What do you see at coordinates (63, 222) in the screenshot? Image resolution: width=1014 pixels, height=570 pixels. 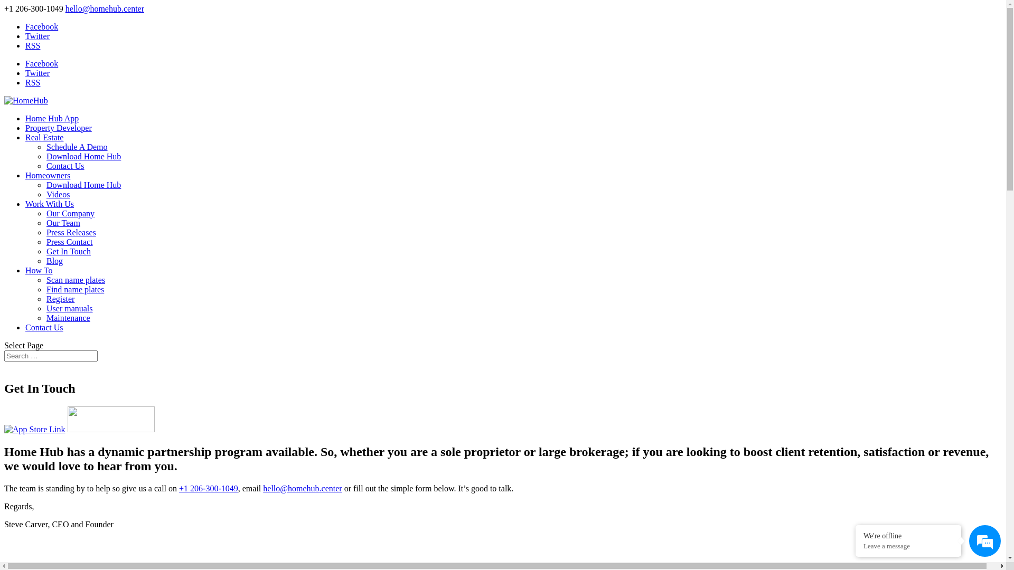 I see `'Our Team'` at bounding box center [63, 222].